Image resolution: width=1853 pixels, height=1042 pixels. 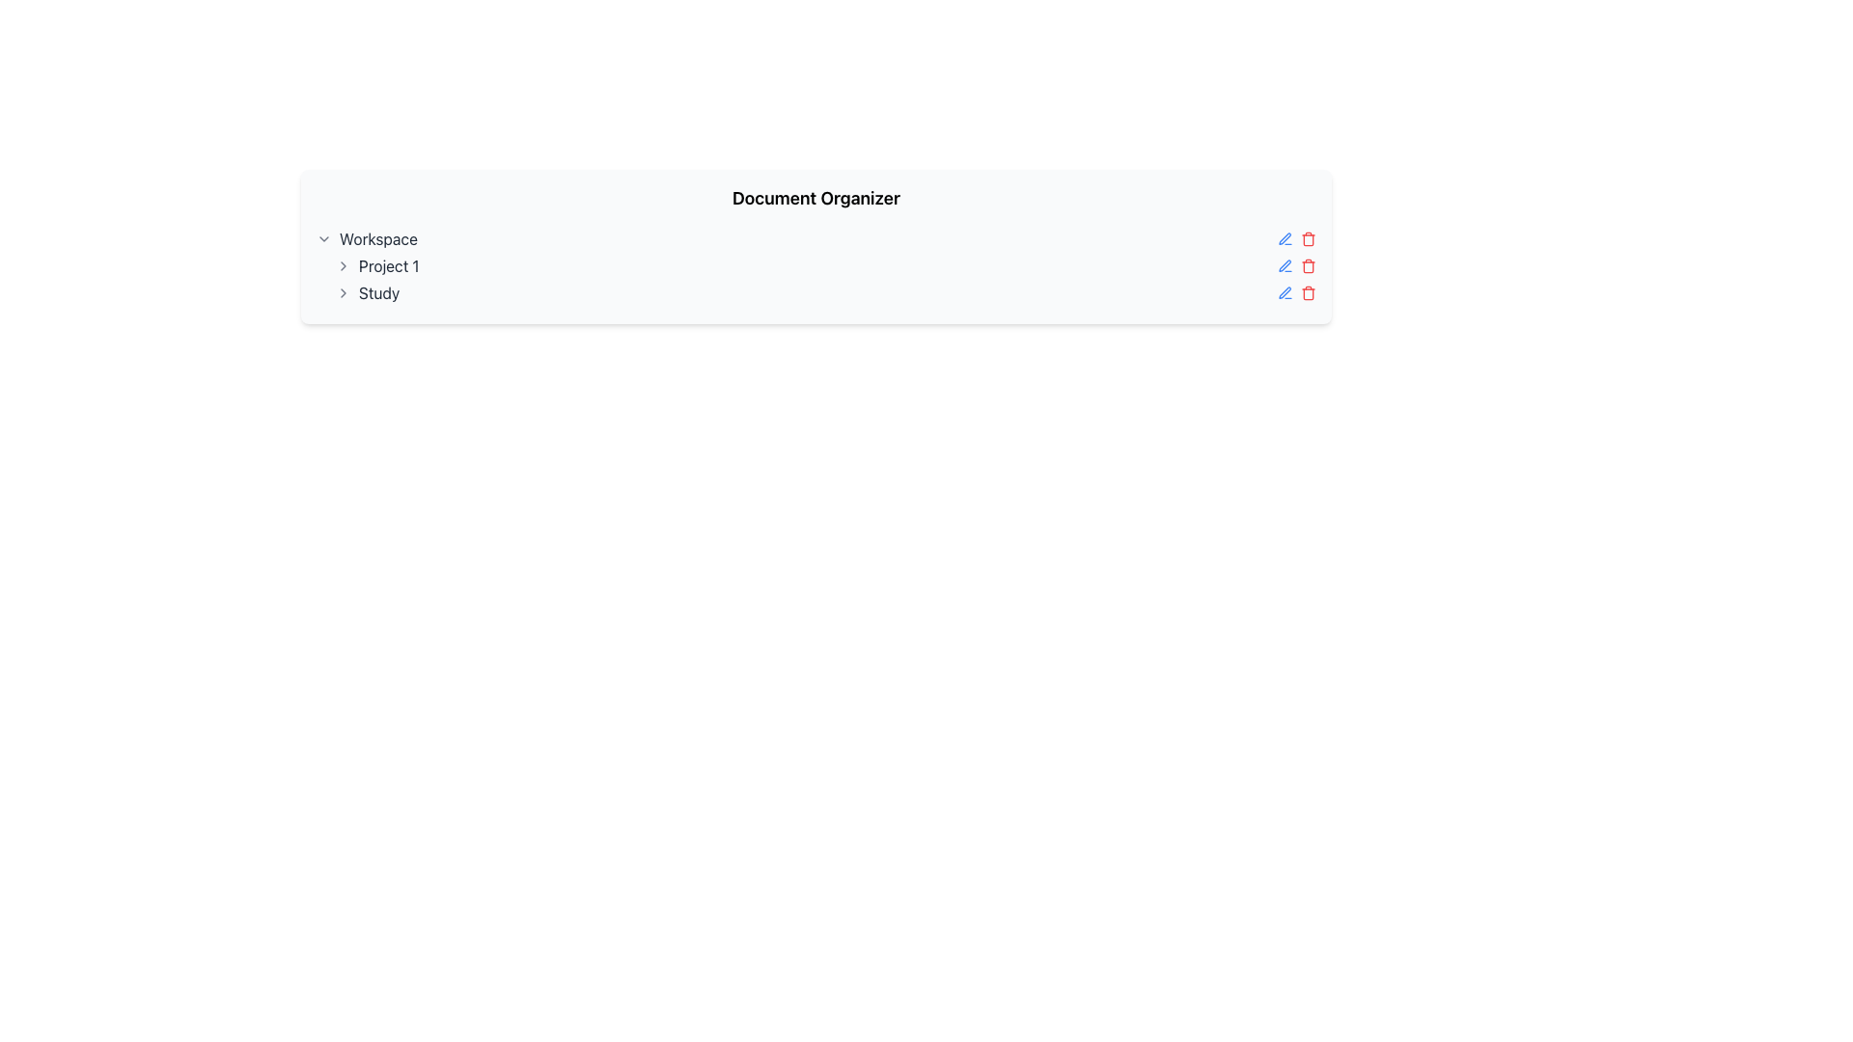 What do you see at coordinates (324, 237) in the screenshot?
I see `the downward-pointing chevron icon with a gray outline, located to the left of the 'Workspace' text` at bounding box center [324, 237].